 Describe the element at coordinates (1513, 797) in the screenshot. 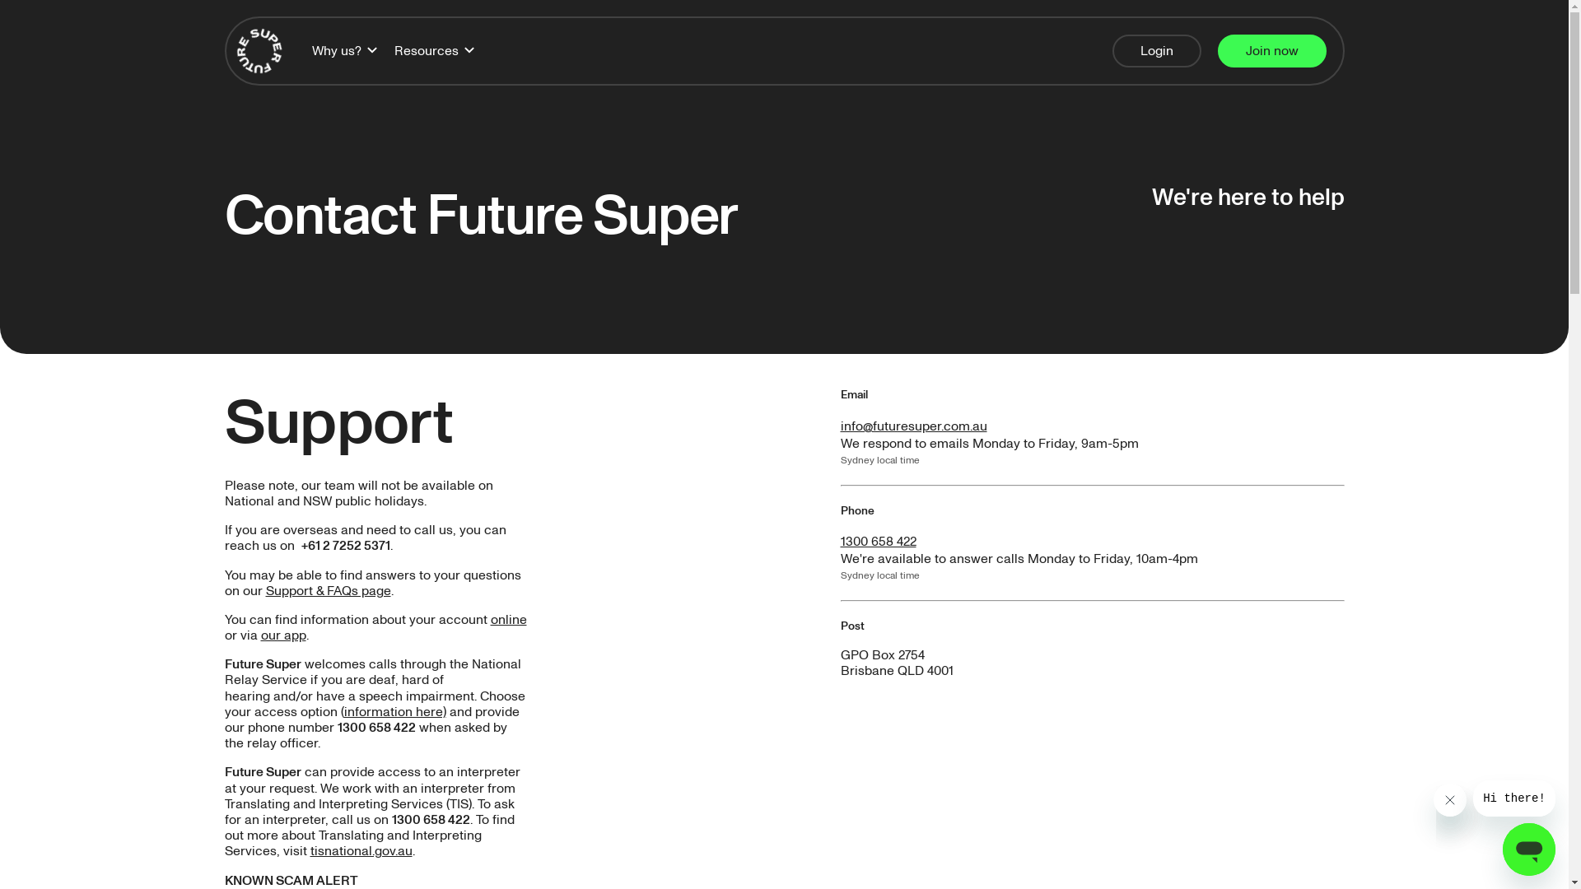

I see `'Message from company'` at that location.